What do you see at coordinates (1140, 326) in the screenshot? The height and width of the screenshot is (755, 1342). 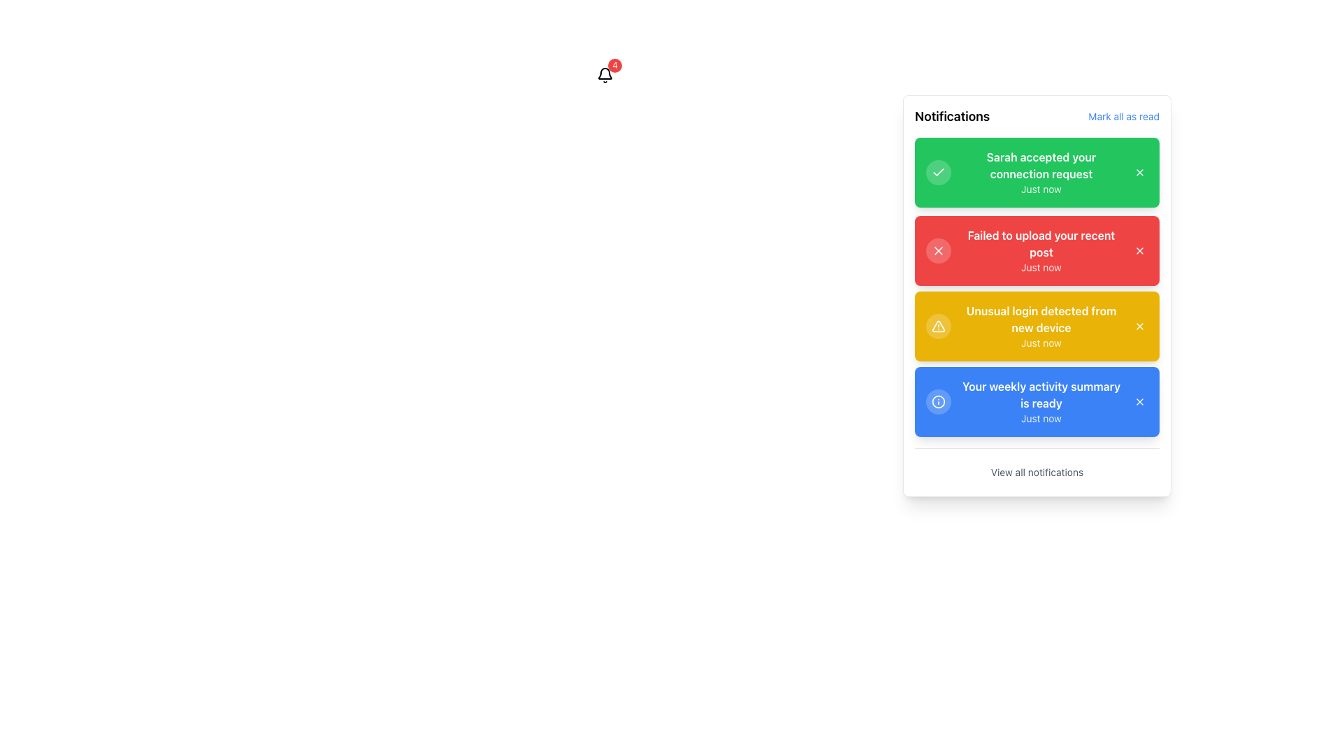 I see `the close button located at the top-right corner of the notification card that reads 'Unusual login detected from new device, Just now.' This button is the fourth notification item in the list` at bounding box center [1140, 326].